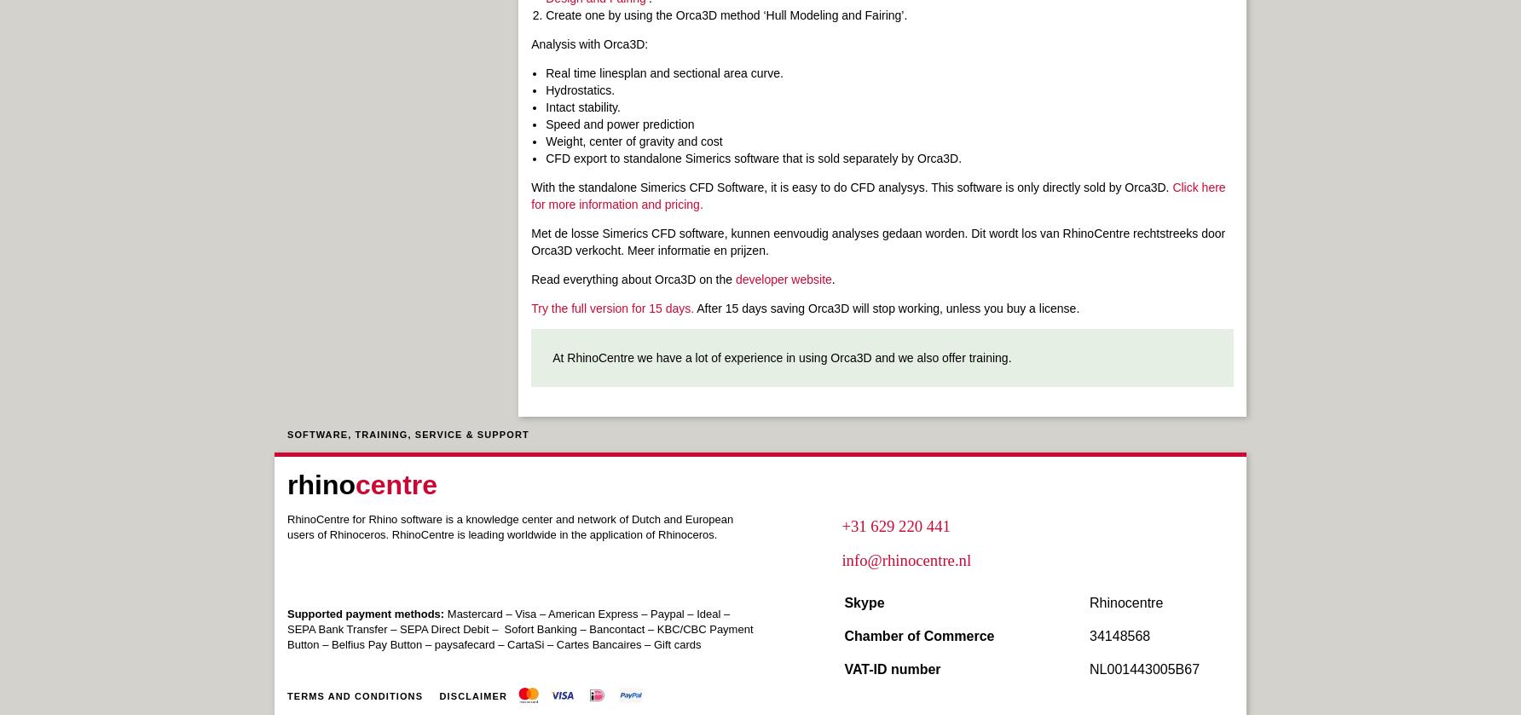 The image size is (1521, 715). Describe the element at coordinates (726, 15) in the screenshot. I see `'Create one by using the Orca3D method ‘Hull Modeling and Fairing’.'` at that location.